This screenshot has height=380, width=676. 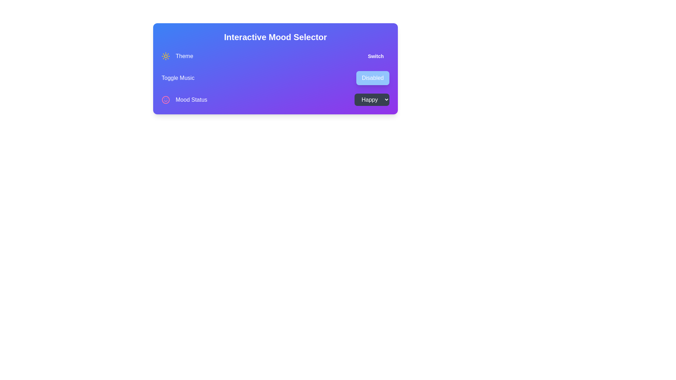 What do you see at coordinates (191, 100) in the screenshot?
I see `the 'Mood Status' text label, which is styled with a medium-weight font and located on a gradient blue and purple background, positioned to the right of a smiley face icon` at bounding box center [191, 100].